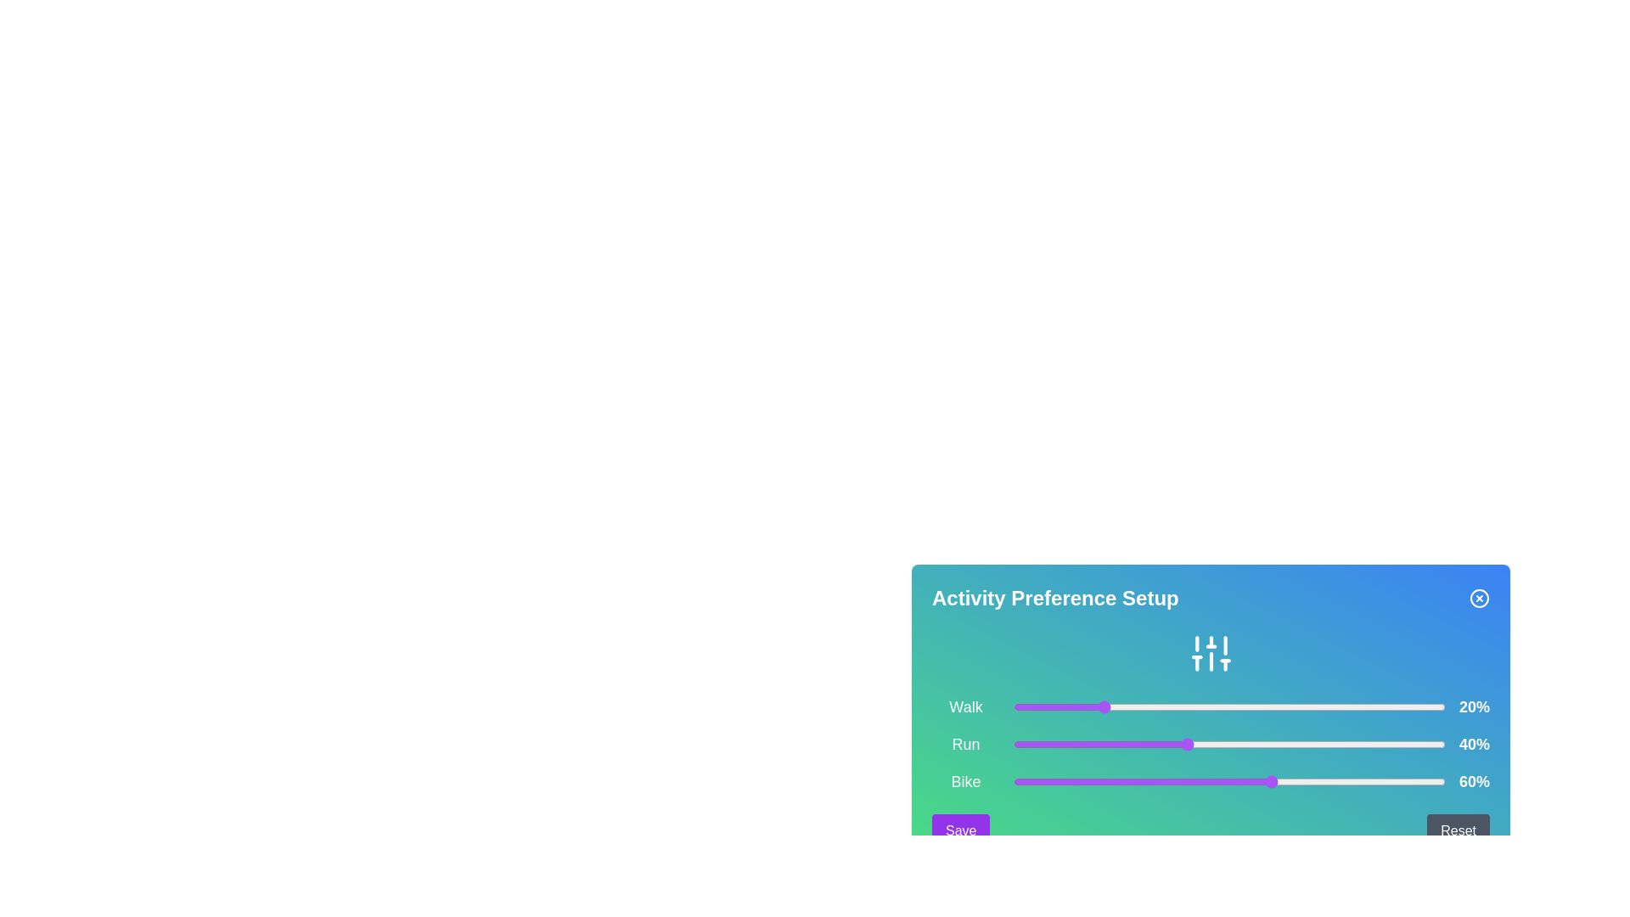  Describe the element at coordinates (1242, 707) in the screenshot. I see `the slider for 0 to 53%` at that location.